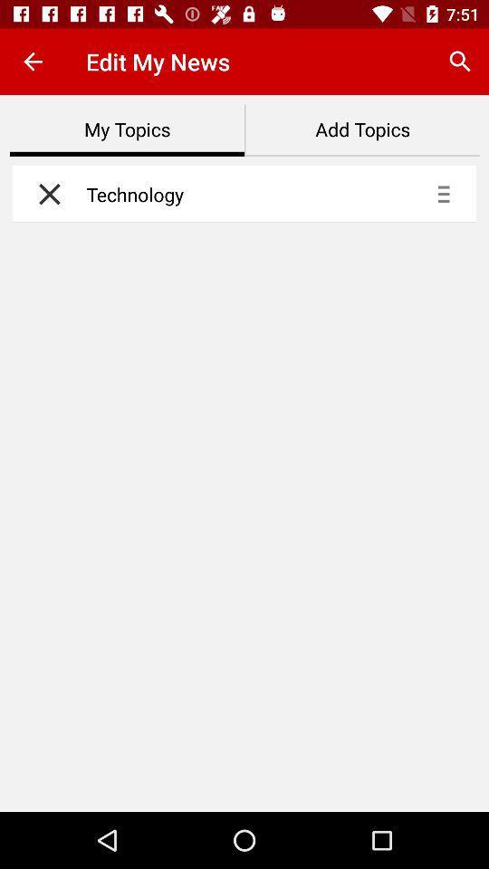 This screenshot has height=869, width=489. What do you see at coordinates (362, 129) in the screenshot?
I see `add topics item` at bounding box center [362, 129].